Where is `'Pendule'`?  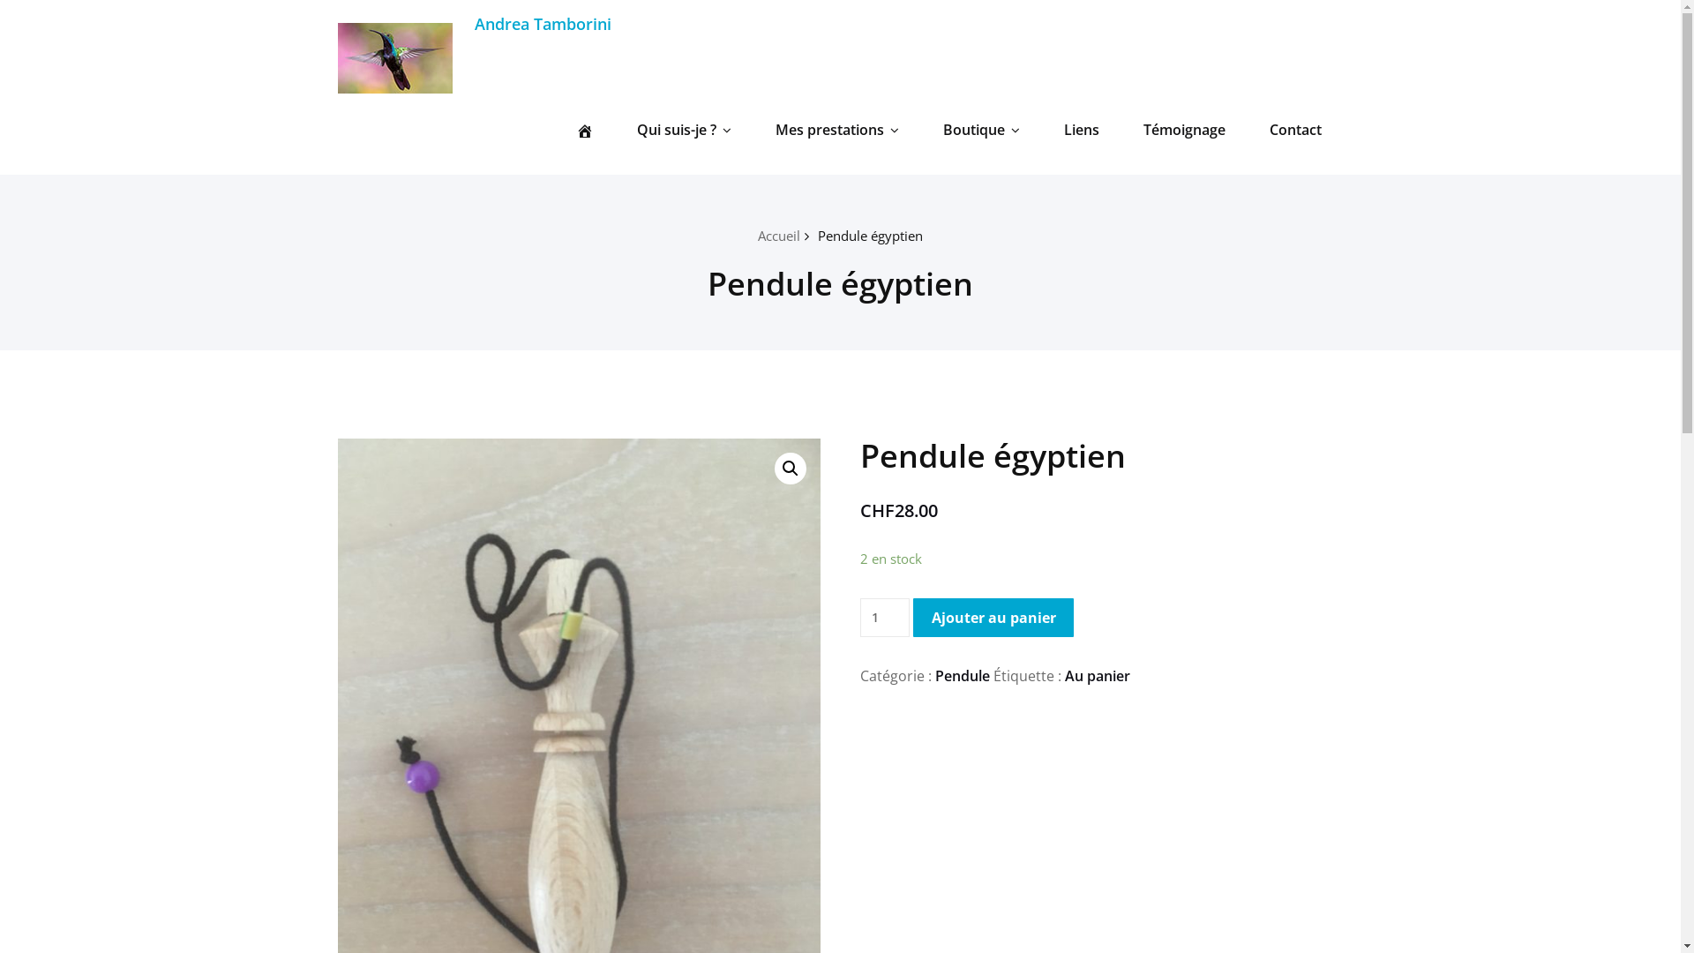
'Pendule' is located at coordinates (961, 675).